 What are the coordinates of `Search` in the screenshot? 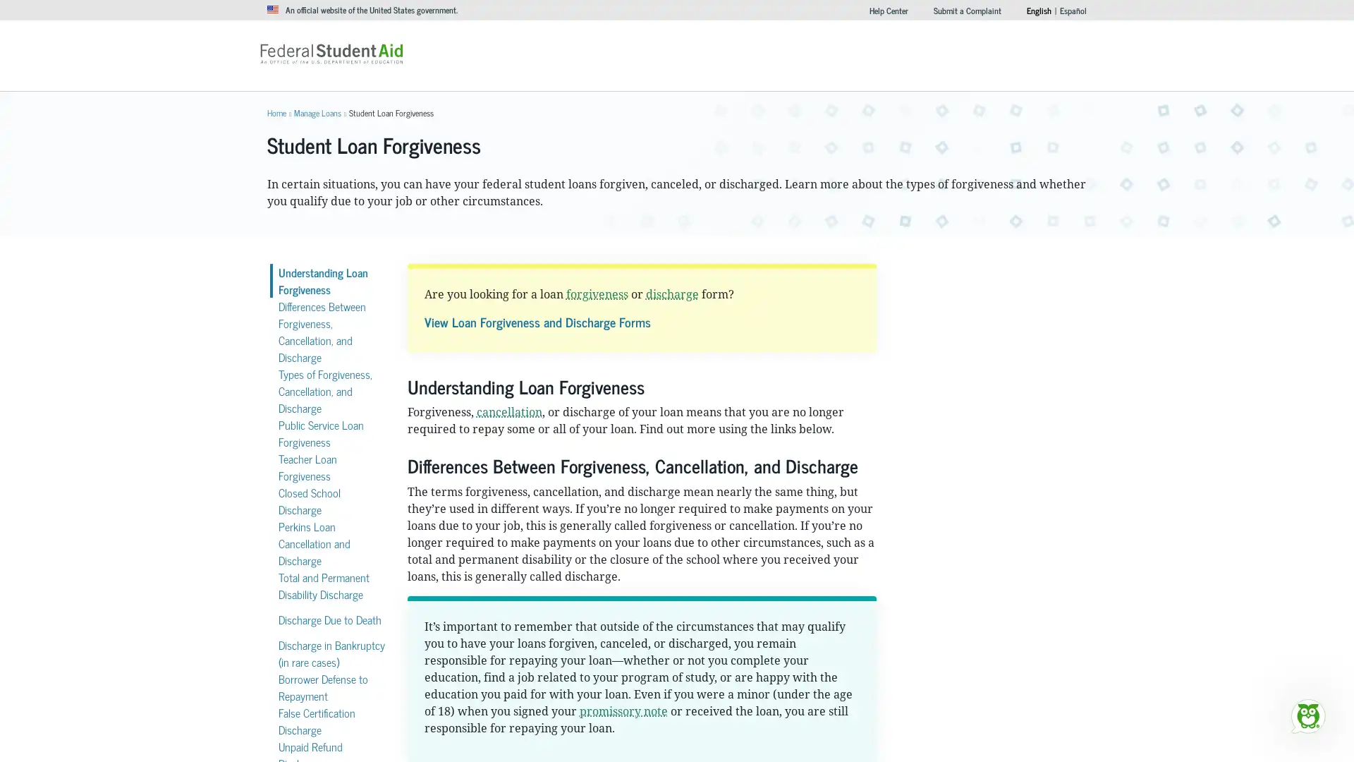 It's located at (886, 49).